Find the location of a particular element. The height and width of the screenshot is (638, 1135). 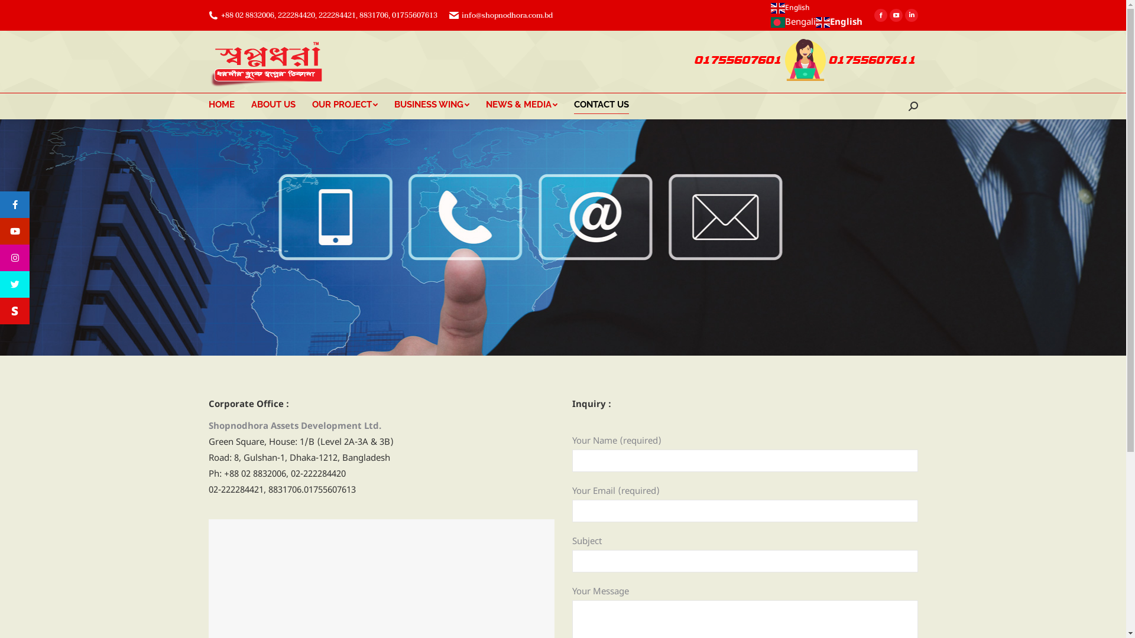

'English' is located at coordinates (816, 8).